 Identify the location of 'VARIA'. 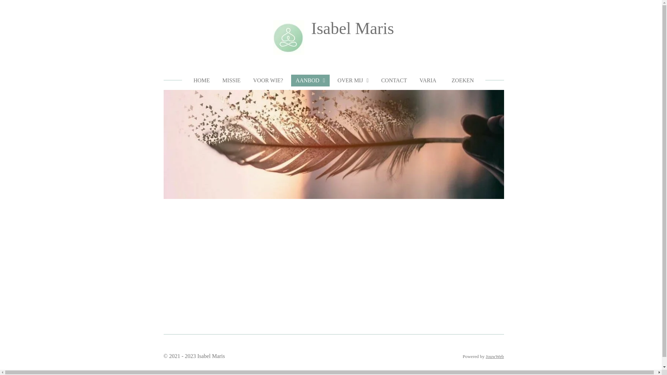
(415, 80).